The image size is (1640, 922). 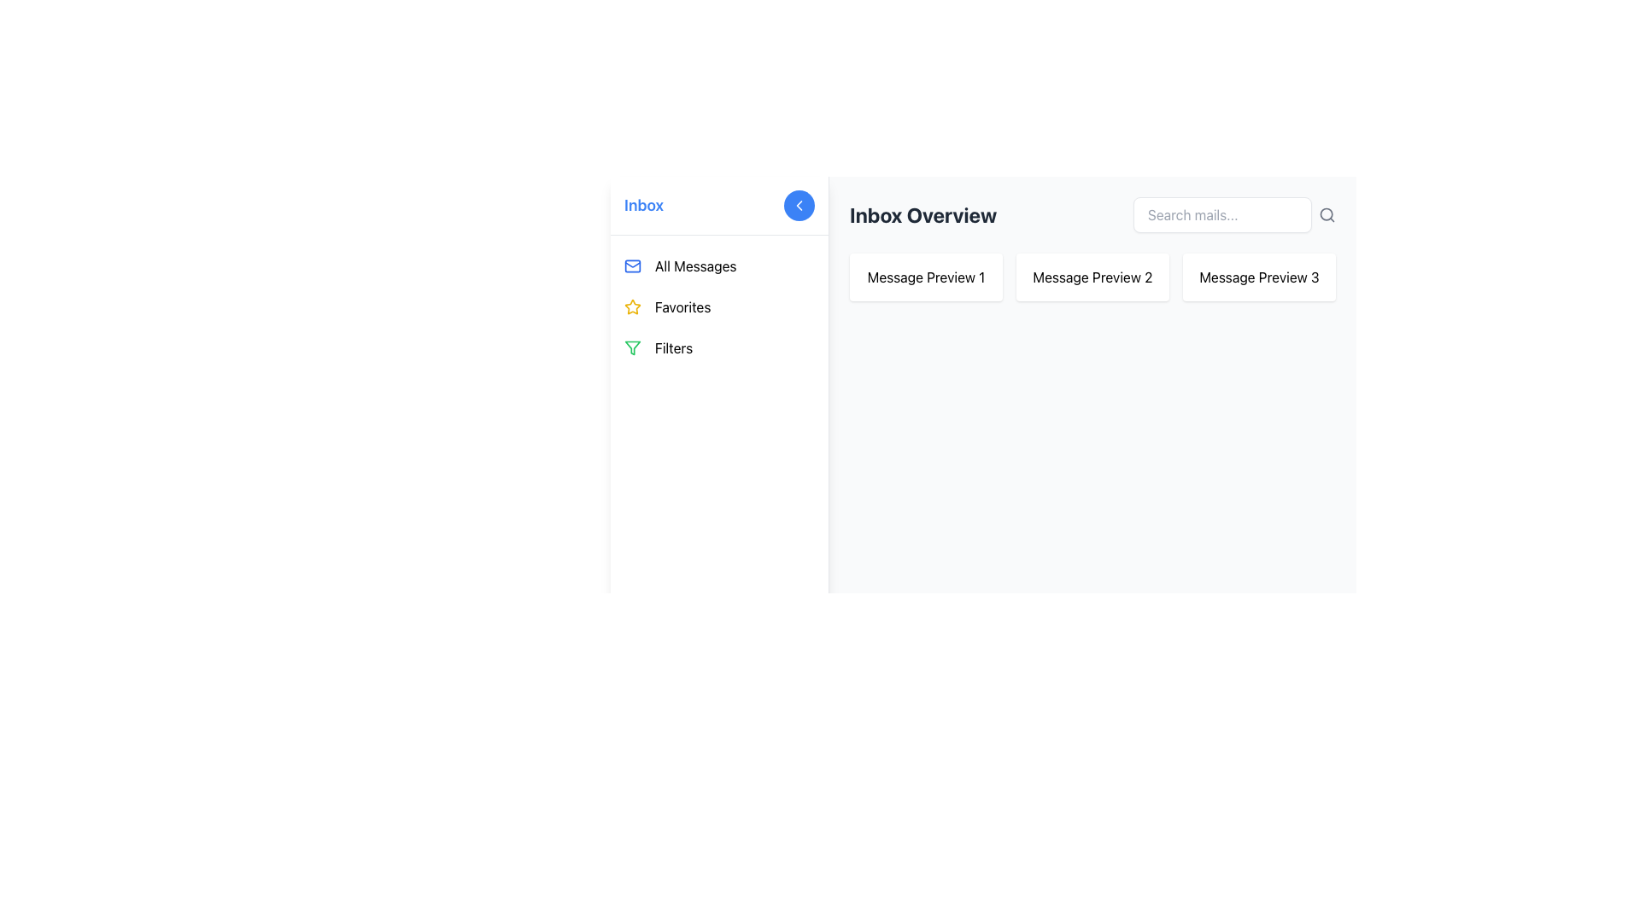 What do you see at coordinates (631, 266) in the screenshot?
I see `the non-interactive envelope icon element located beside the 'Inbox' text in the navigation menu` at bounding box center [631, 266].